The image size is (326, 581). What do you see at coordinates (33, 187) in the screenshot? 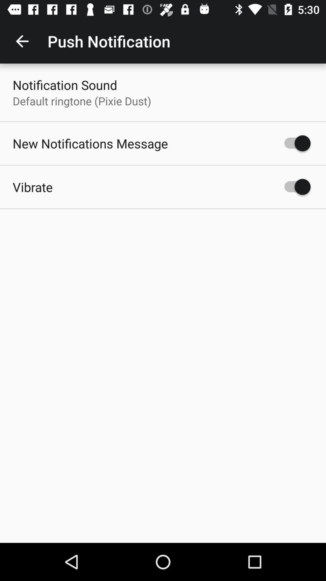
I see `the vibrate` at bounding box center [33, 187].